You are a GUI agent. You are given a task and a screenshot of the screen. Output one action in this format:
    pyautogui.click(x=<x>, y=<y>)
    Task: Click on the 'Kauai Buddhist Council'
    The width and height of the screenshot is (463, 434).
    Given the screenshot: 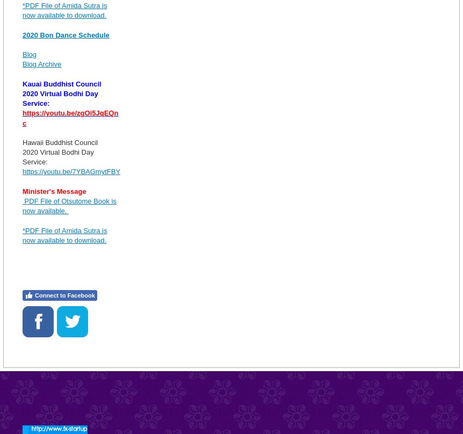 What is the action you would take?
    pyautogui.click(x=61, y=83)
    